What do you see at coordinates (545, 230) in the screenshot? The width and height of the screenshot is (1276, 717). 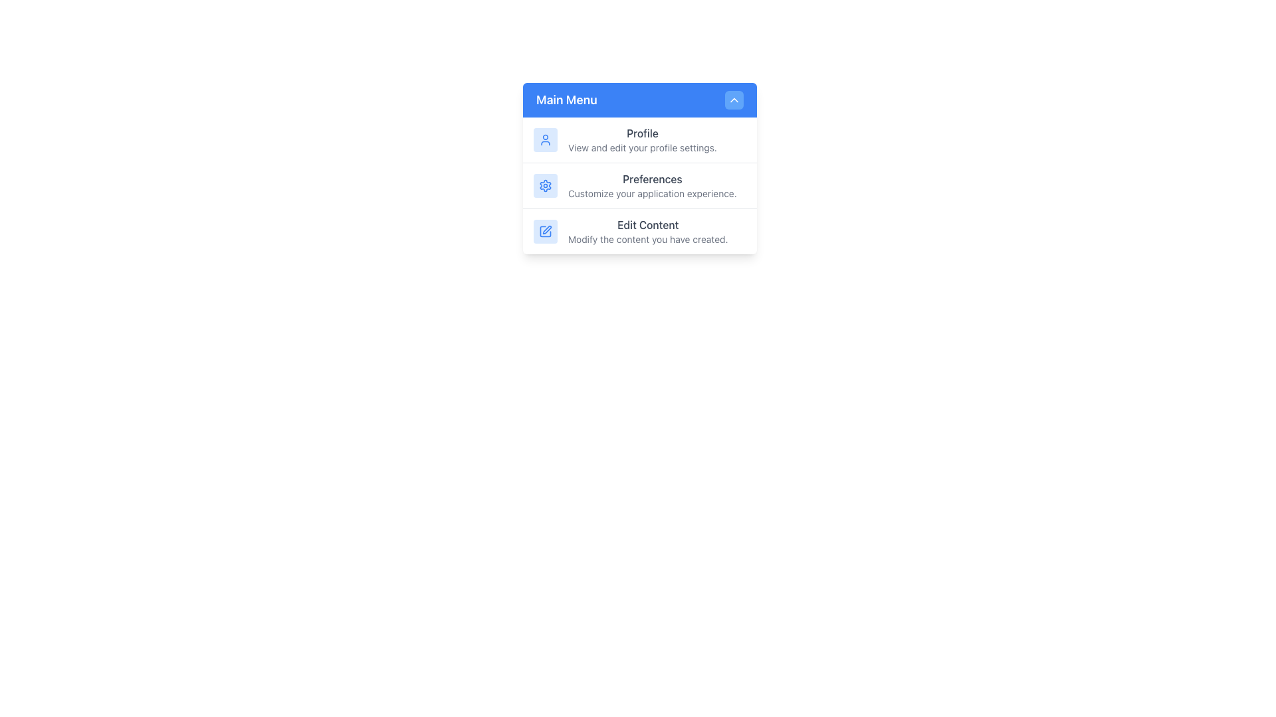 I see `the 'Edit Content' icon located in the lower section of the 'Main Menu' to initiate editing` at bounding box center [545, 230].